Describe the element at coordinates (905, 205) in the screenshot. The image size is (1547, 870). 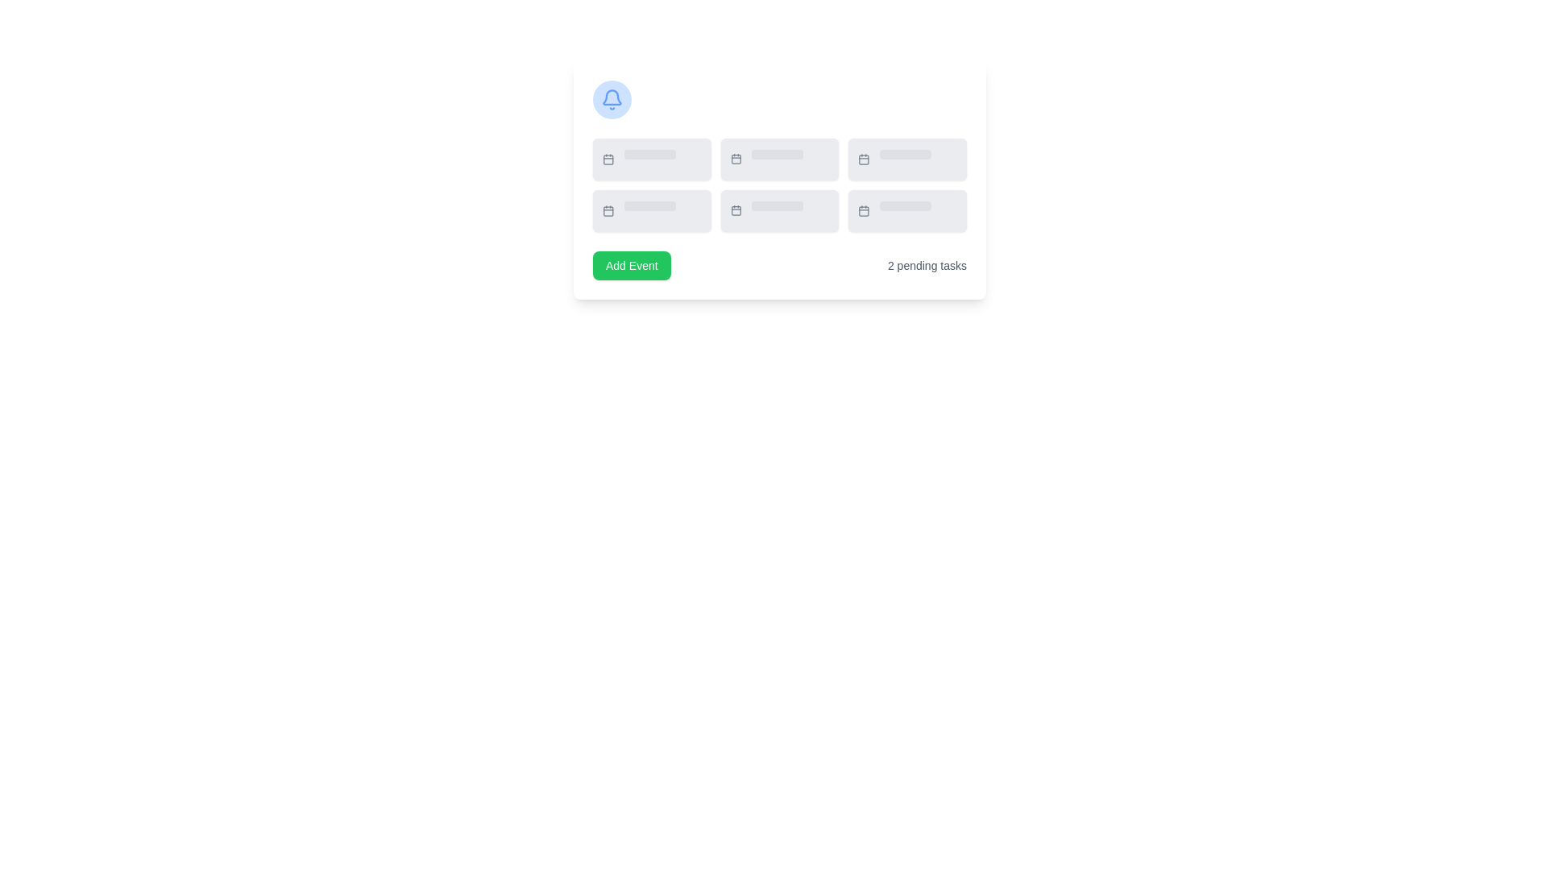
I see `the Loading placeholder bar located in the lower right area of the card-like interface layout, which serves as a visual indicator of loading or content in progress` at that location.